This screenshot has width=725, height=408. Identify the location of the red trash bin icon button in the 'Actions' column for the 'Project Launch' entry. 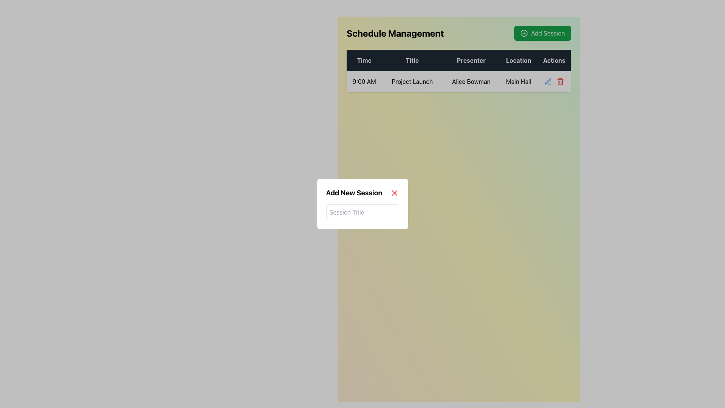
(560, 82).